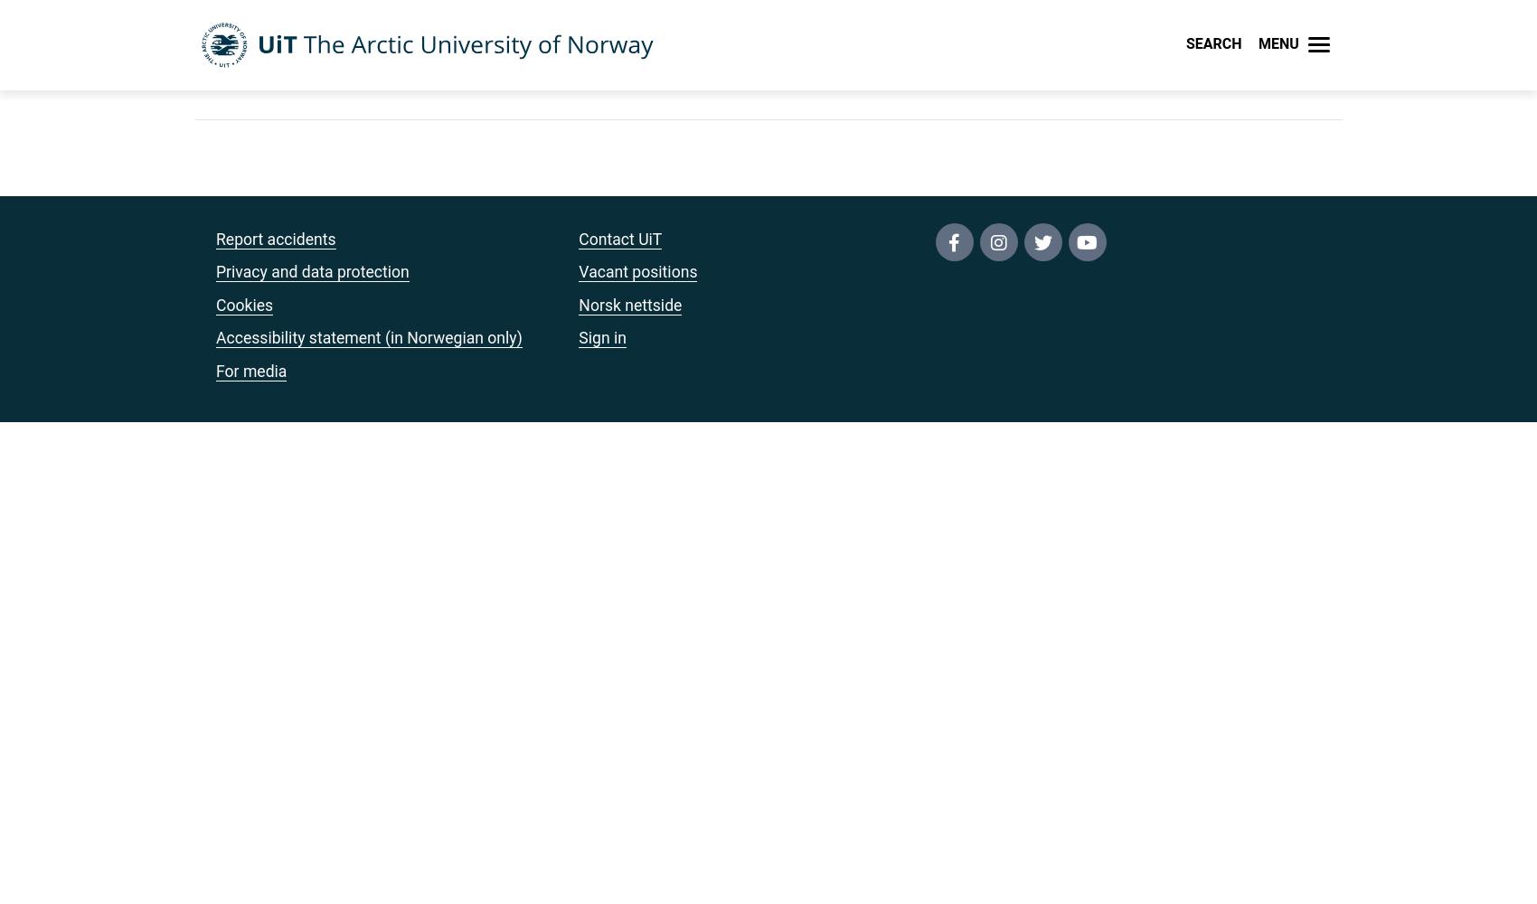 This screenshot has height=904, width=1537. Describe the element at coordinates (701, 440) in the screenshot. I see `'Assignment templates'` at that location.